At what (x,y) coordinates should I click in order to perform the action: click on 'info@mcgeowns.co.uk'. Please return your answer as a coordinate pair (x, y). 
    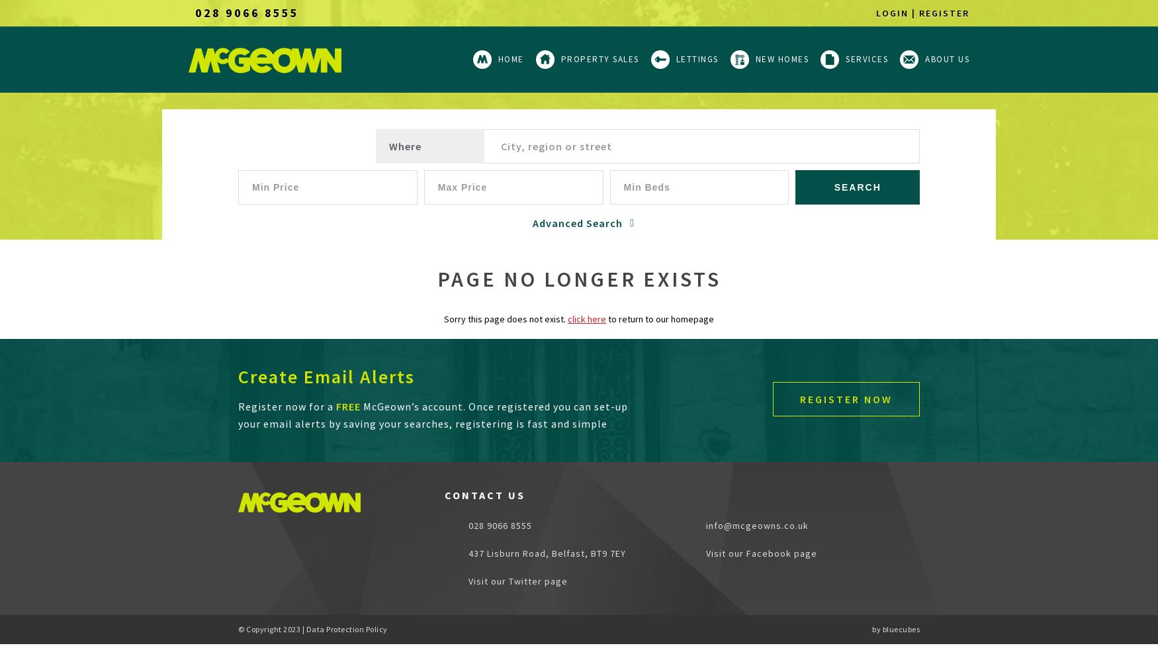
    Looking at the image, I should click on (756, 526).